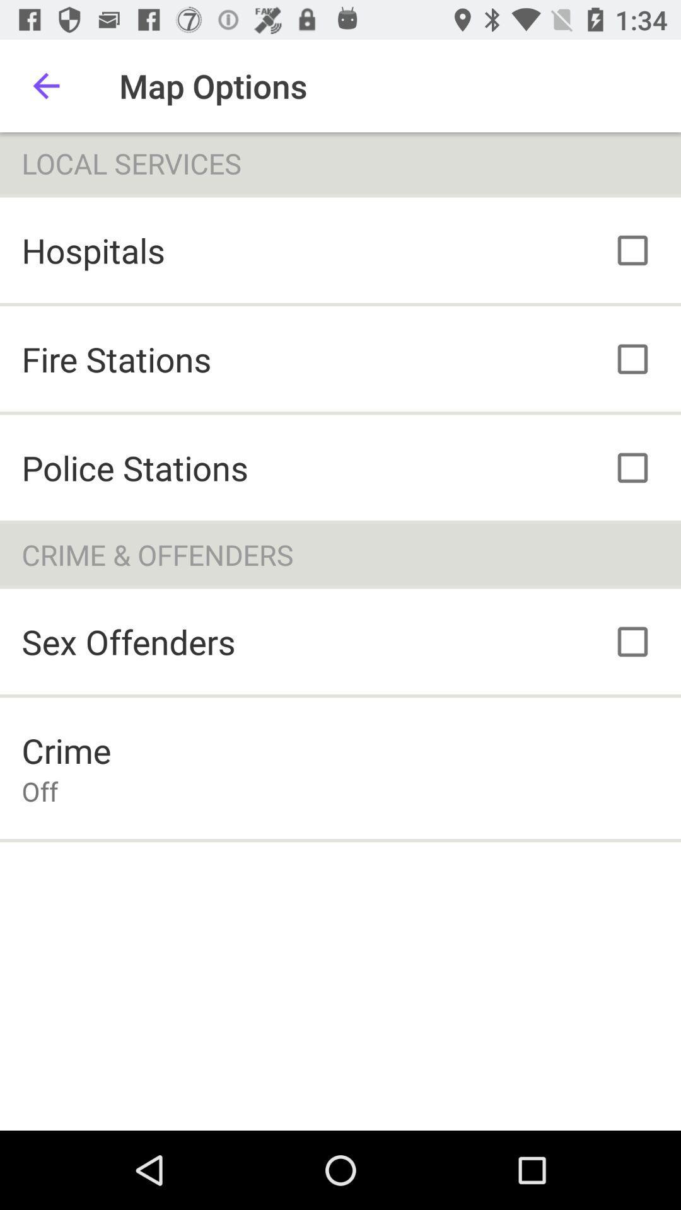 The width and height of the screenshot is (681, 1210). I want to click on the icon above police stations icon, so click(116, 358).